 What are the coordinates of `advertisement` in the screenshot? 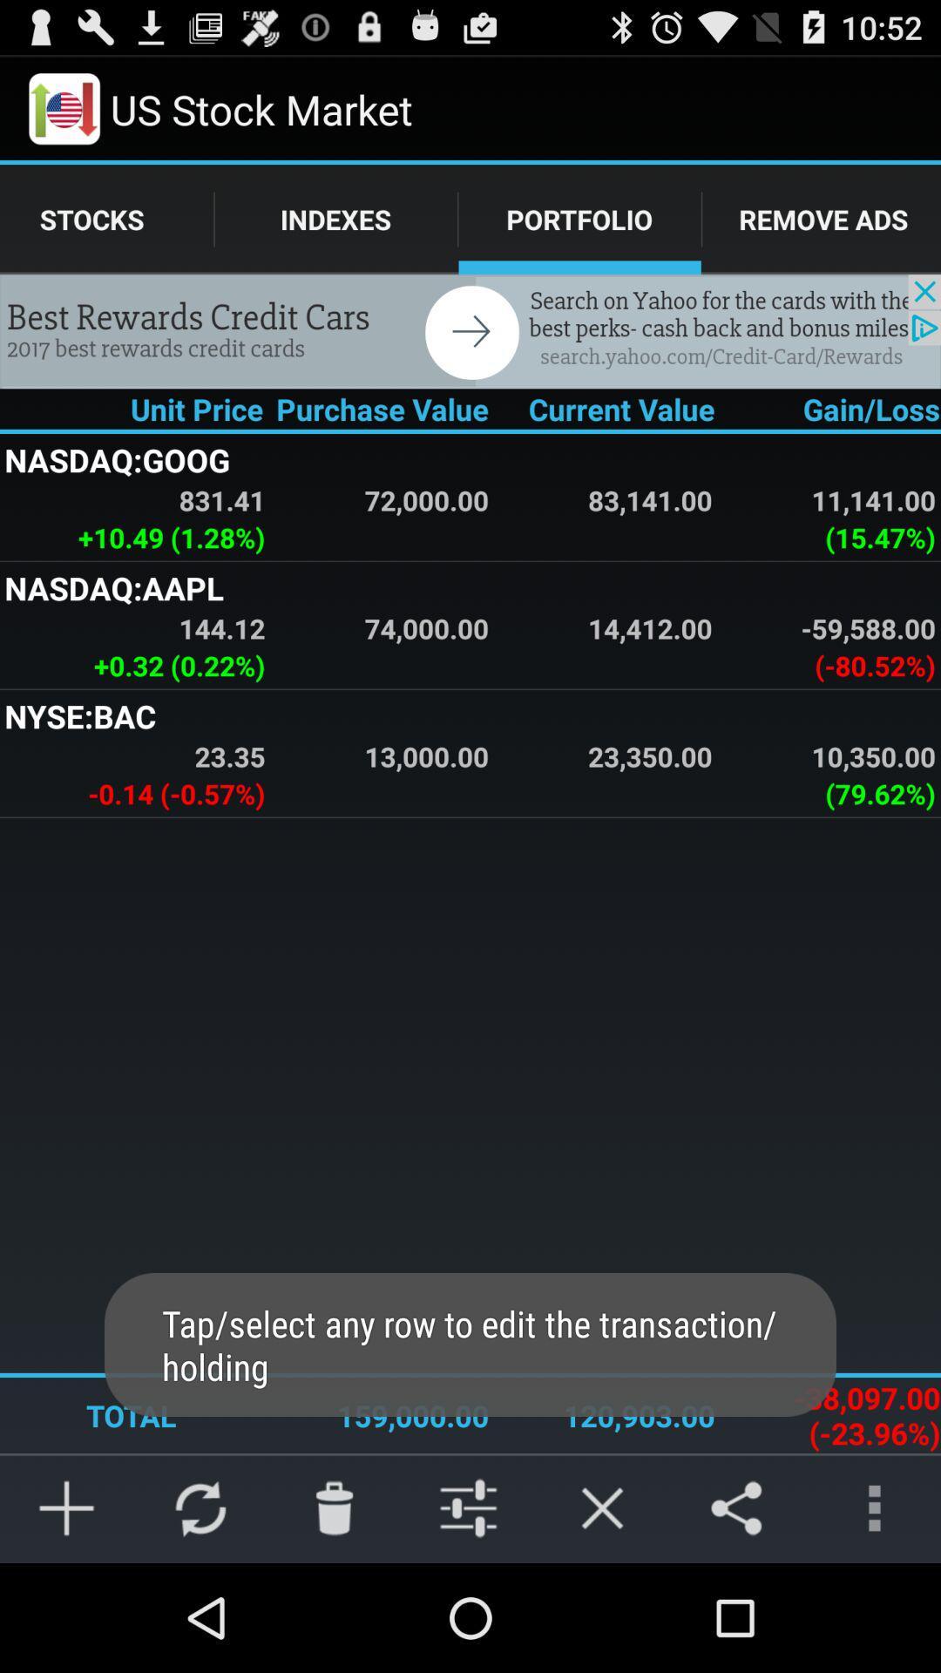 It's located at (470, 331).